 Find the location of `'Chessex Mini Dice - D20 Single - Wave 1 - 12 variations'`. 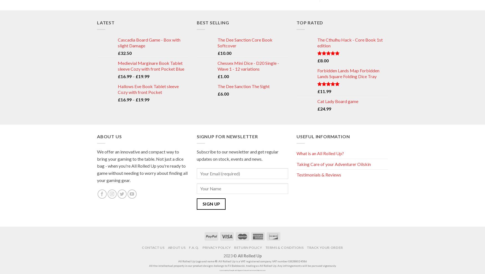

'Chessex Mini Dice - D20 Single - Wave 1 - 12 variations' is located at coordinates (248, 65).